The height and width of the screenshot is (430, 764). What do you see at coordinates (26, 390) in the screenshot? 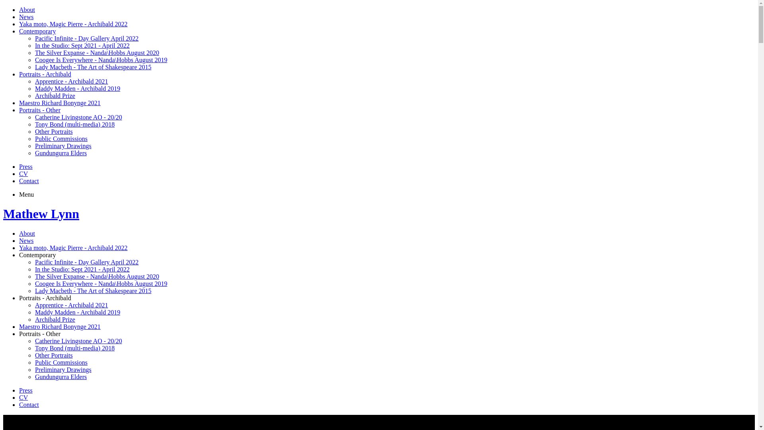
I see `'Press'` at bounding box center [26, 390].